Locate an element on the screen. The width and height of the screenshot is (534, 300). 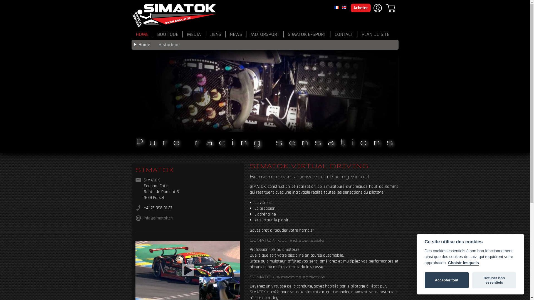
'Home' is located at coordinates (134, 44).